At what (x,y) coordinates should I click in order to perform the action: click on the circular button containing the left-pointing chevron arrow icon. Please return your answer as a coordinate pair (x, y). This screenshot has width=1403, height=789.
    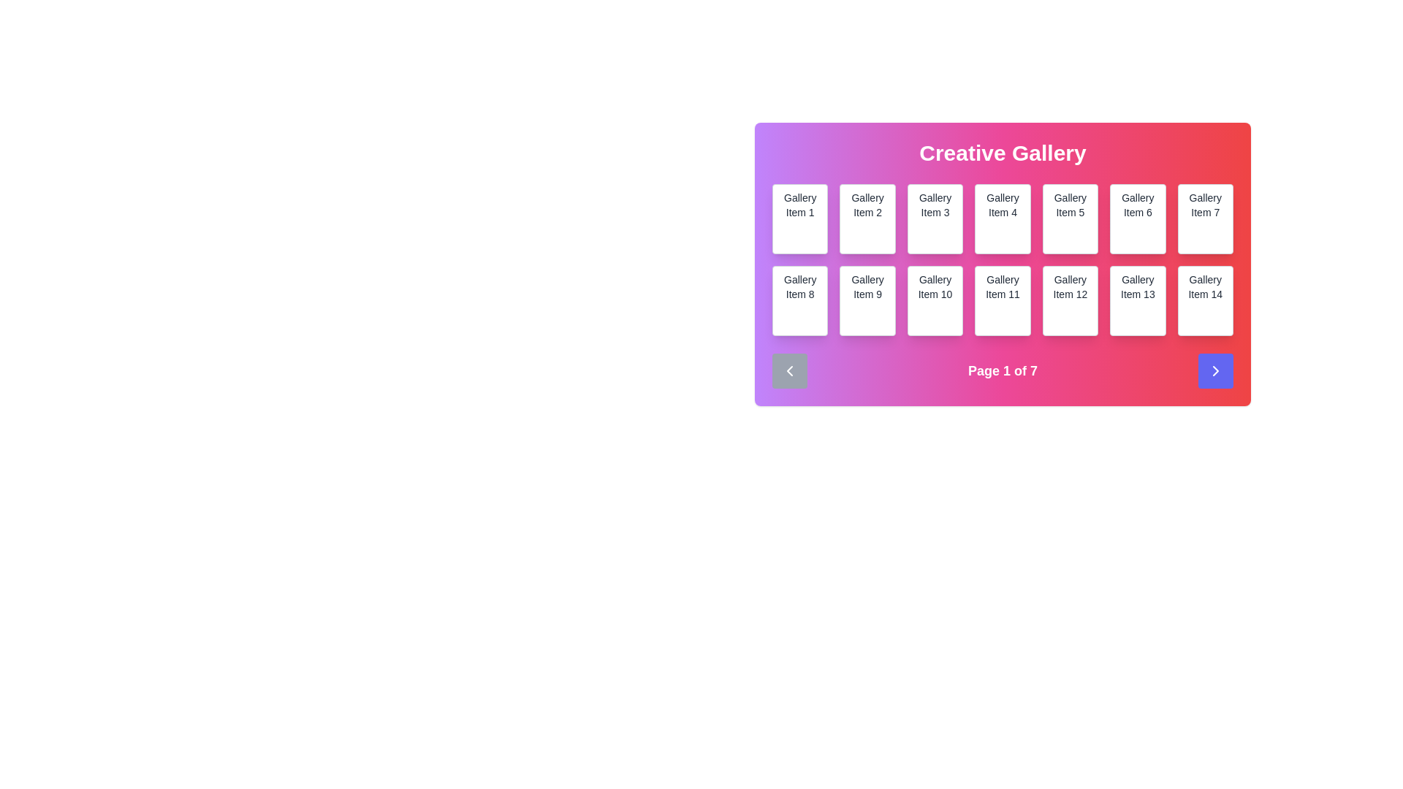
    Looking at the image, I should click on (788, 370).